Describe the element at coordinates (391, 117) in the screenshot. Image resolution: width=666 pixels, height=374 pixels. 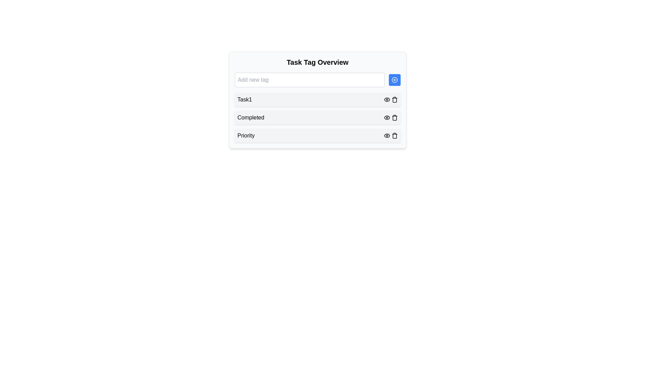
I see `the visibility toggle Icon button located in the 'Completed' section of the Task Tag Overview interface` at that location.